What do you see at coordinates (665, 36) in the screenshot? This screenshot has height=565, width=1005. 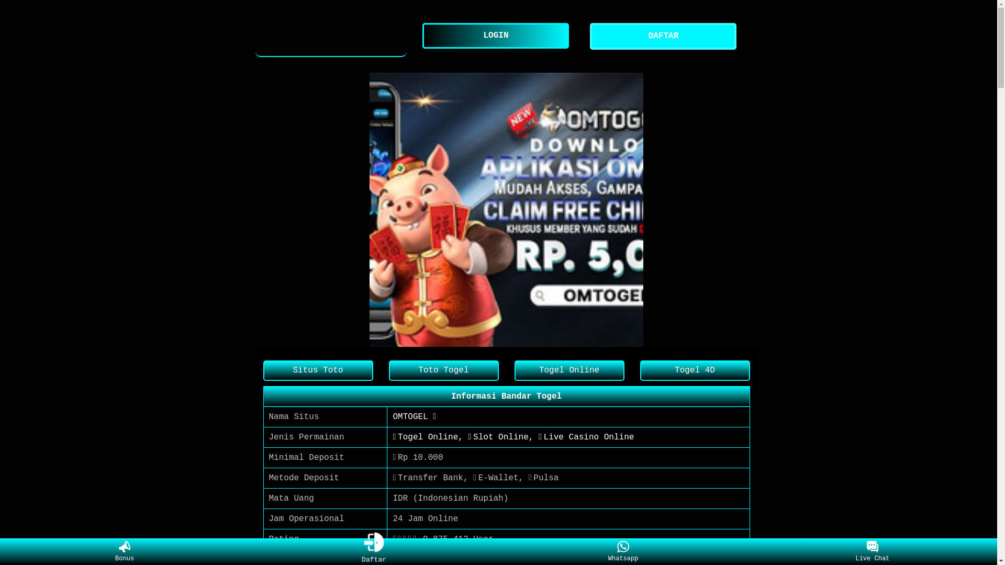 I see `'DAFTAR'` at bounding box center [665, 36].